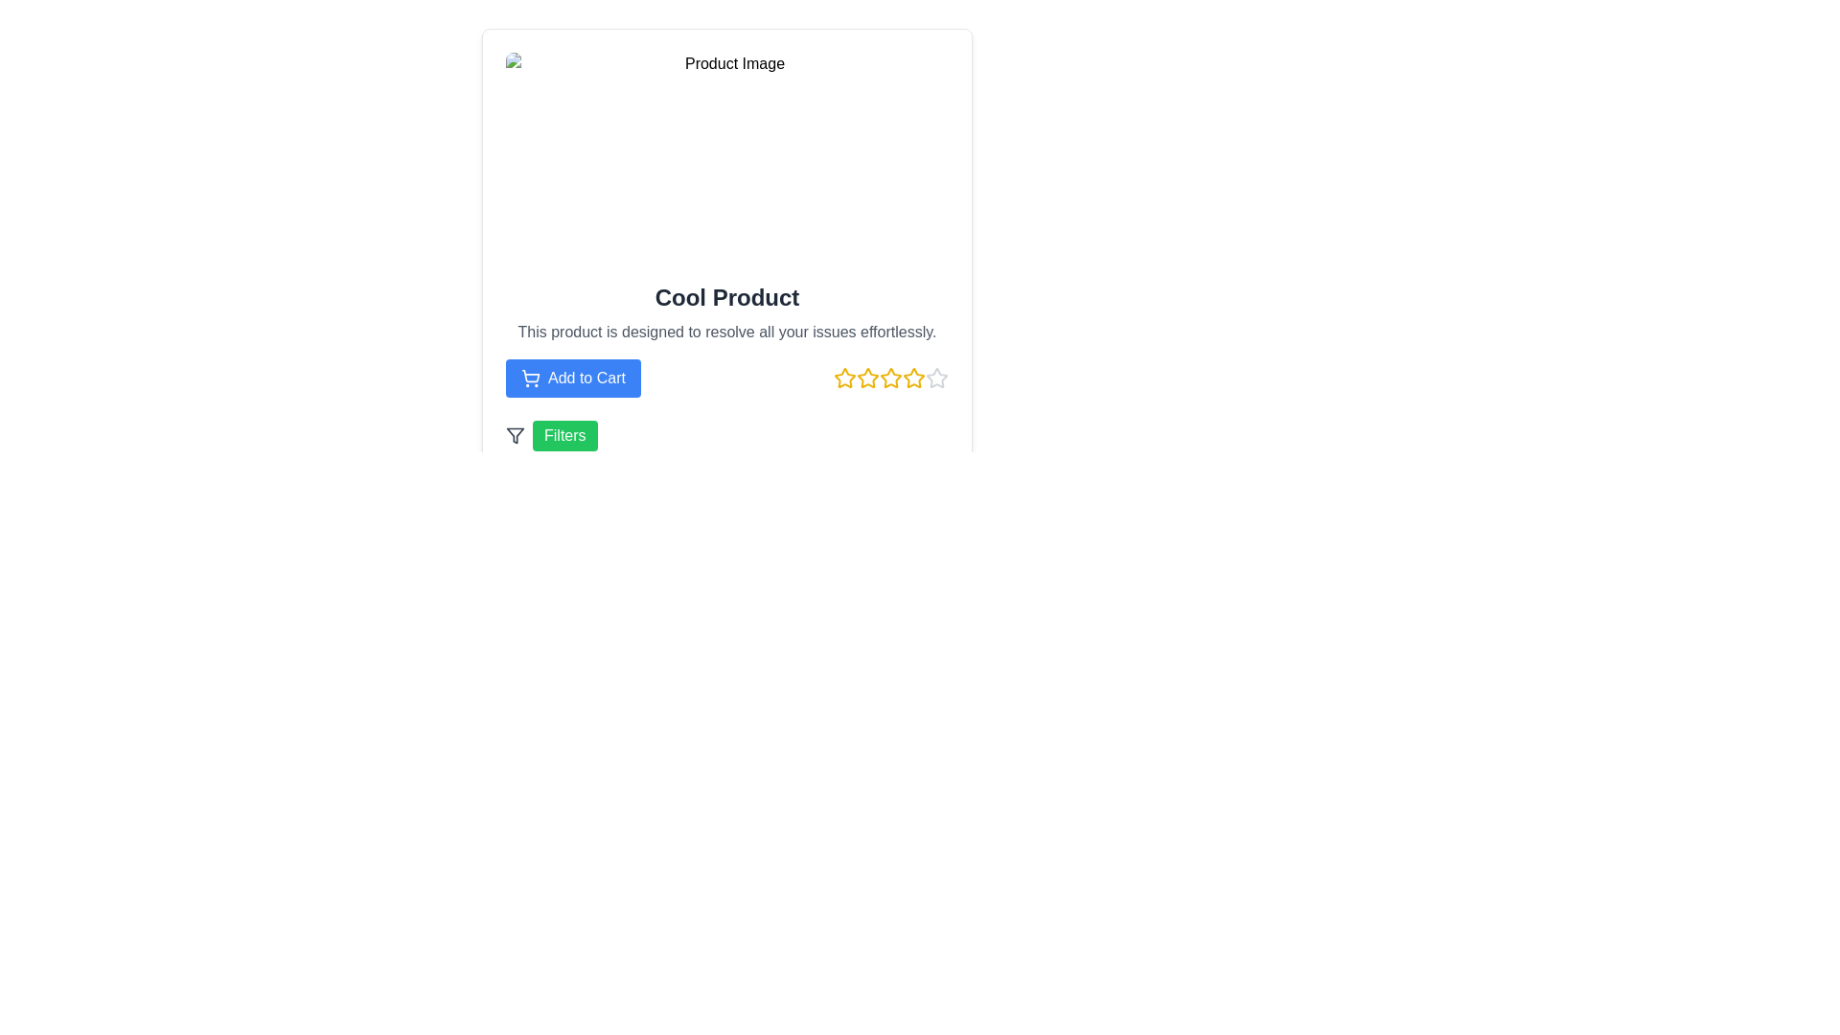 The image size is (1840, 1035). Describe the element at coordinates (725, 298) in the screenshot. I see `the text label displaying 'Cool Product' which is styled in bold, large dark gray font and positioned prominently below the product image` at that location.